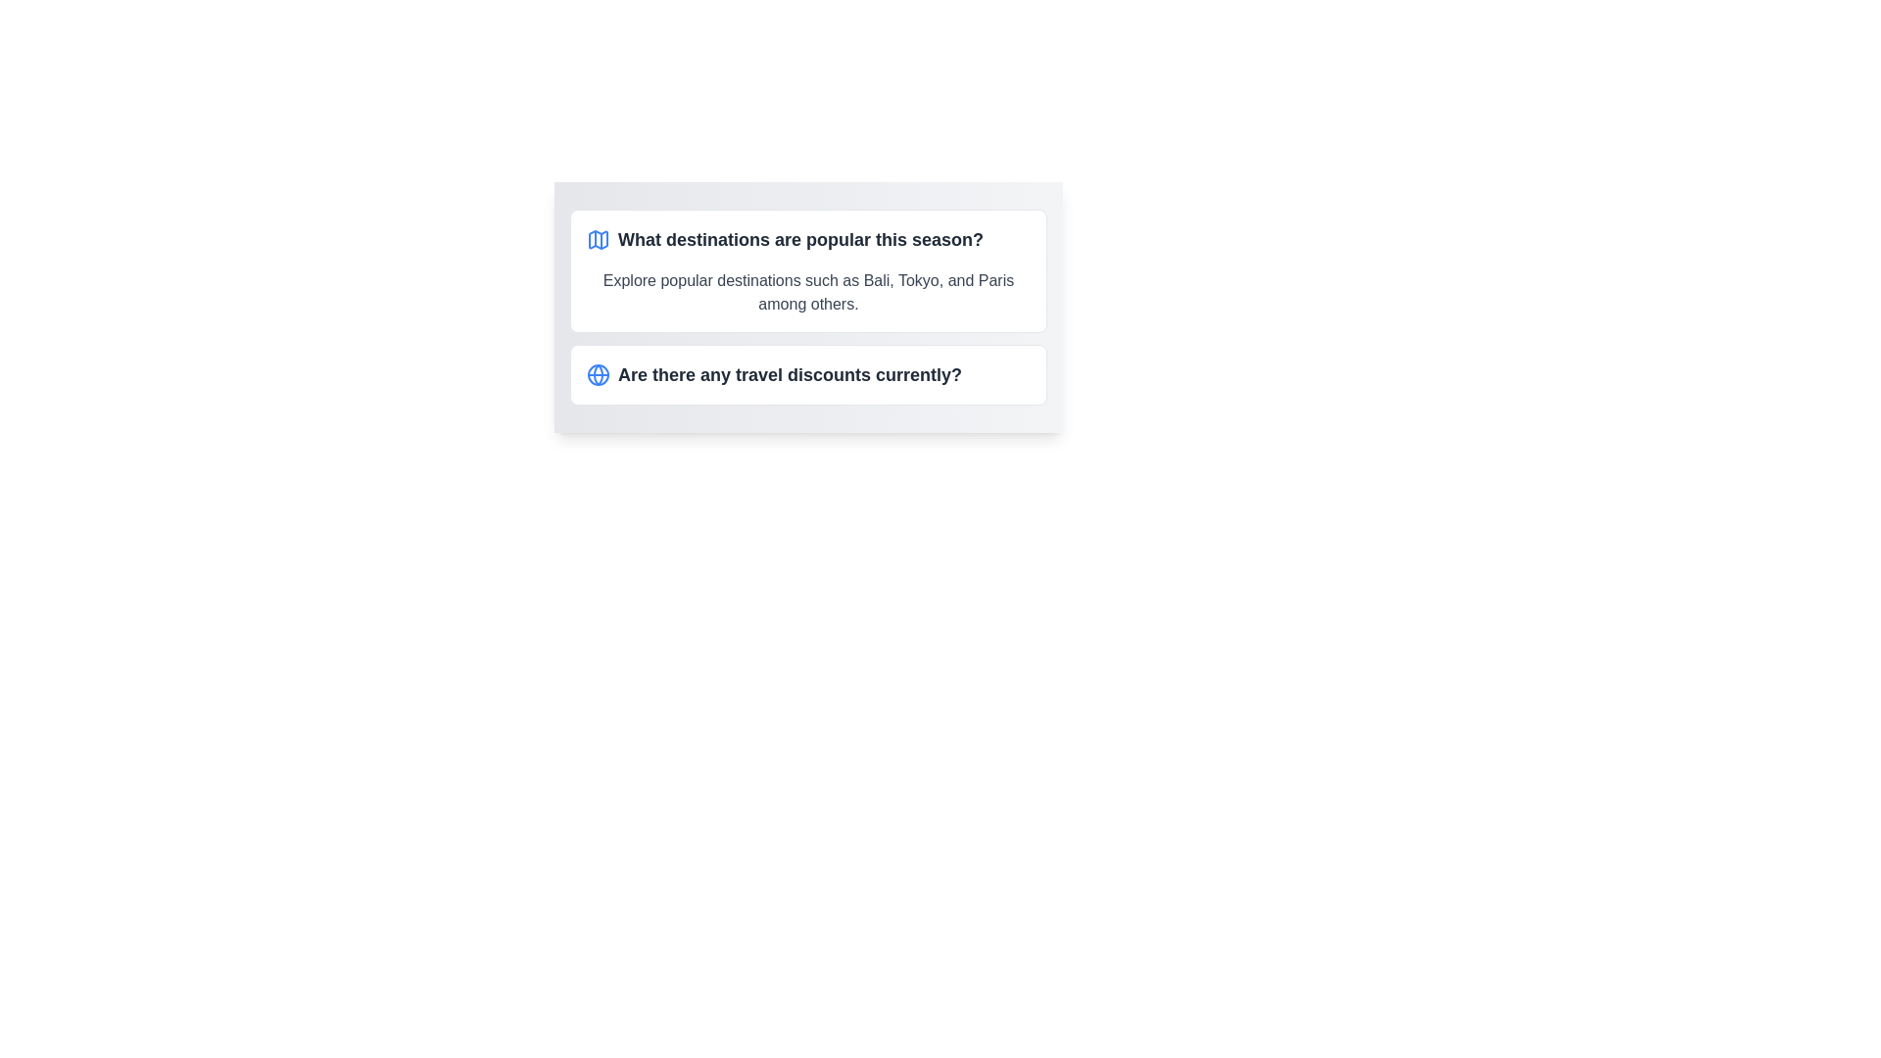 Image resolution: width=1881 pixels, height=1058 pixels. What do you see at coordinates (808, 239) in the screenshot?
I see `the header with bold, large, dark gray text that reads 'What destinations are popular this season?' which is located at the top of the content section` at bounding box center [808, 239].